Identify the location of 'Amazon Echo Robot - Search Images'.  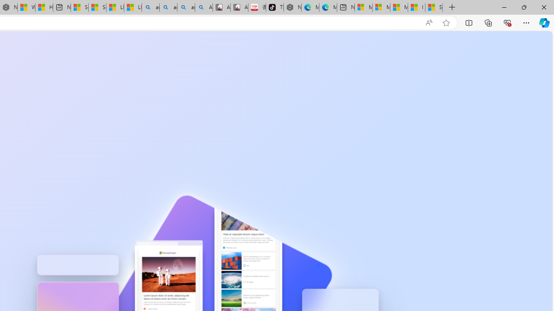
(203, 7).